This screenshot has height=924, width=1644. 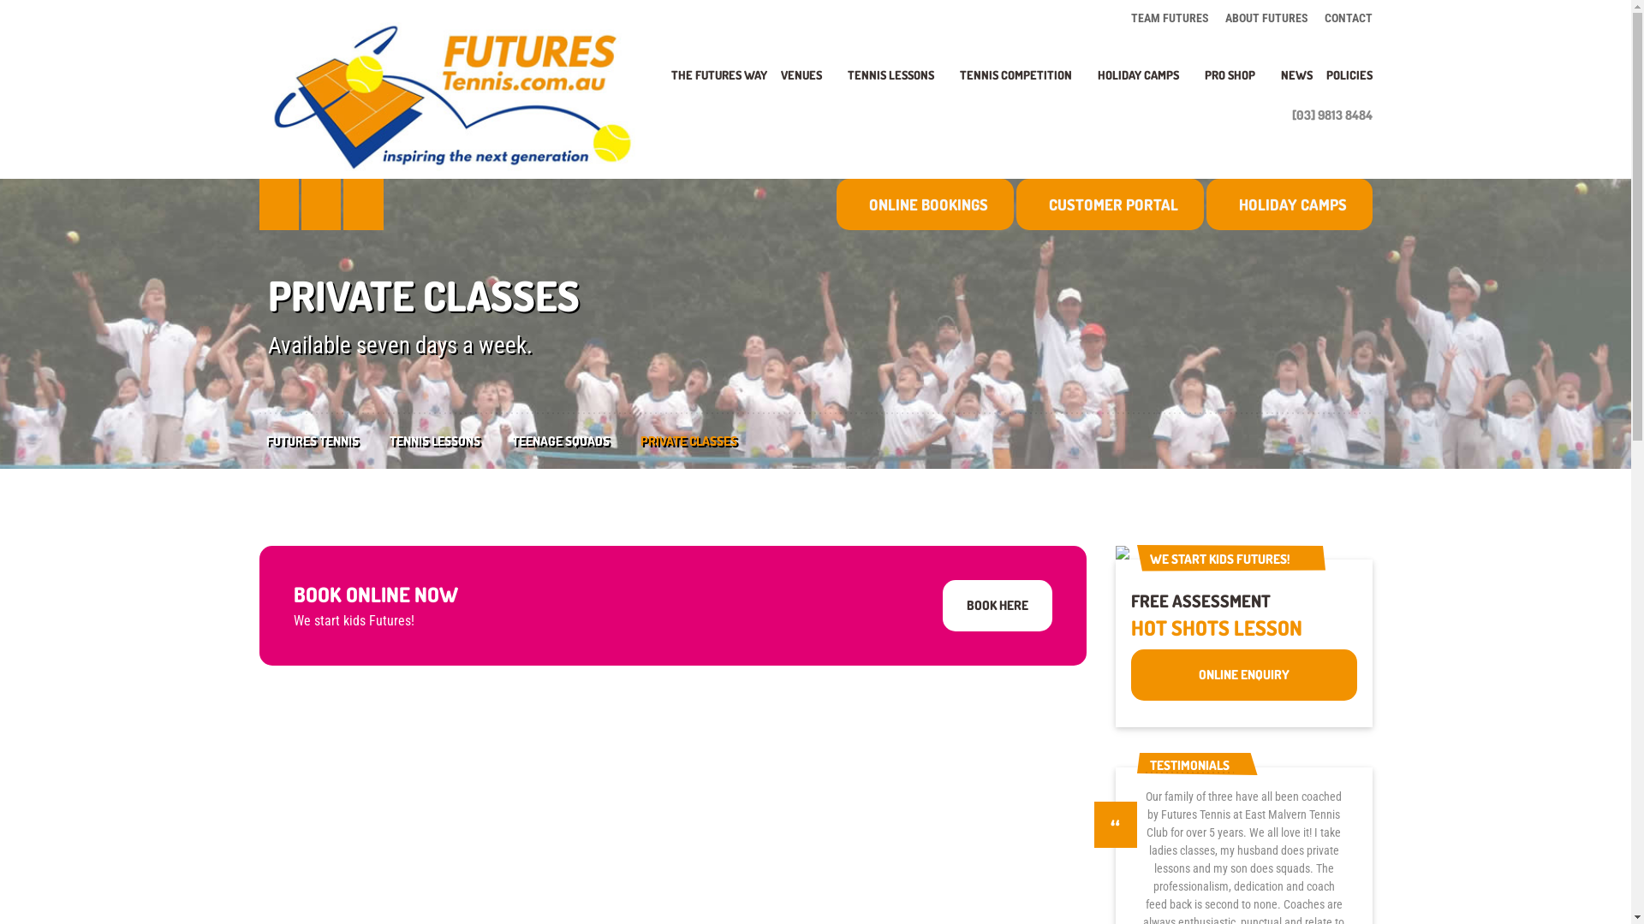 I want to click on '[03] 9813 8484', so click(x=1326, y=114).